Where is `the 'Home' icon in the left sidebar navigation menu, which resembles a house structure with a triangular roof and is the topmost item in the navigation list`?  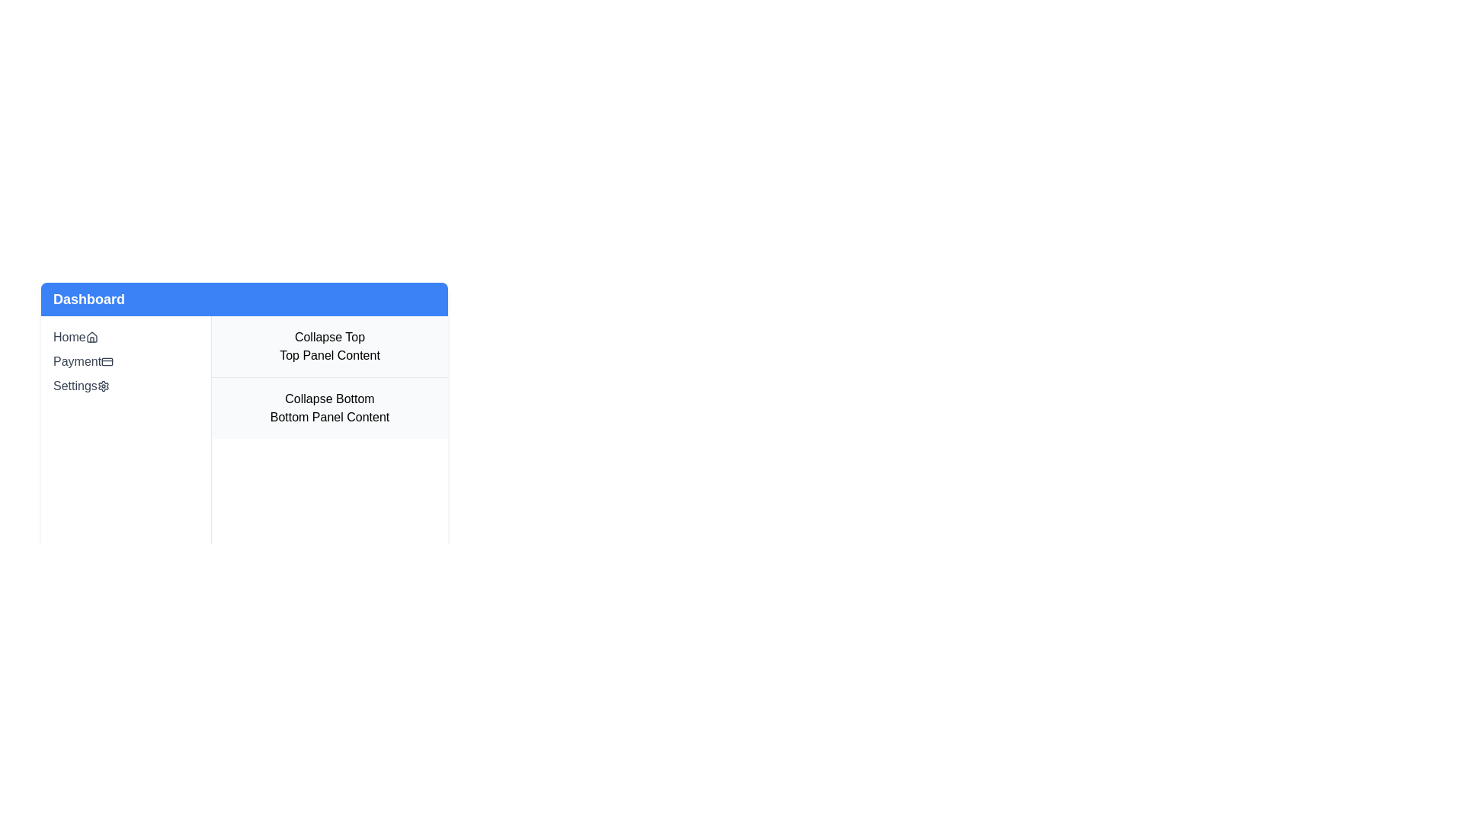 the 'Home' icon in the left sidebar navigation menu, which resembles a house structure with a triangular roof and is the topmost item in the navigation list is located at coordinates (91, 336).